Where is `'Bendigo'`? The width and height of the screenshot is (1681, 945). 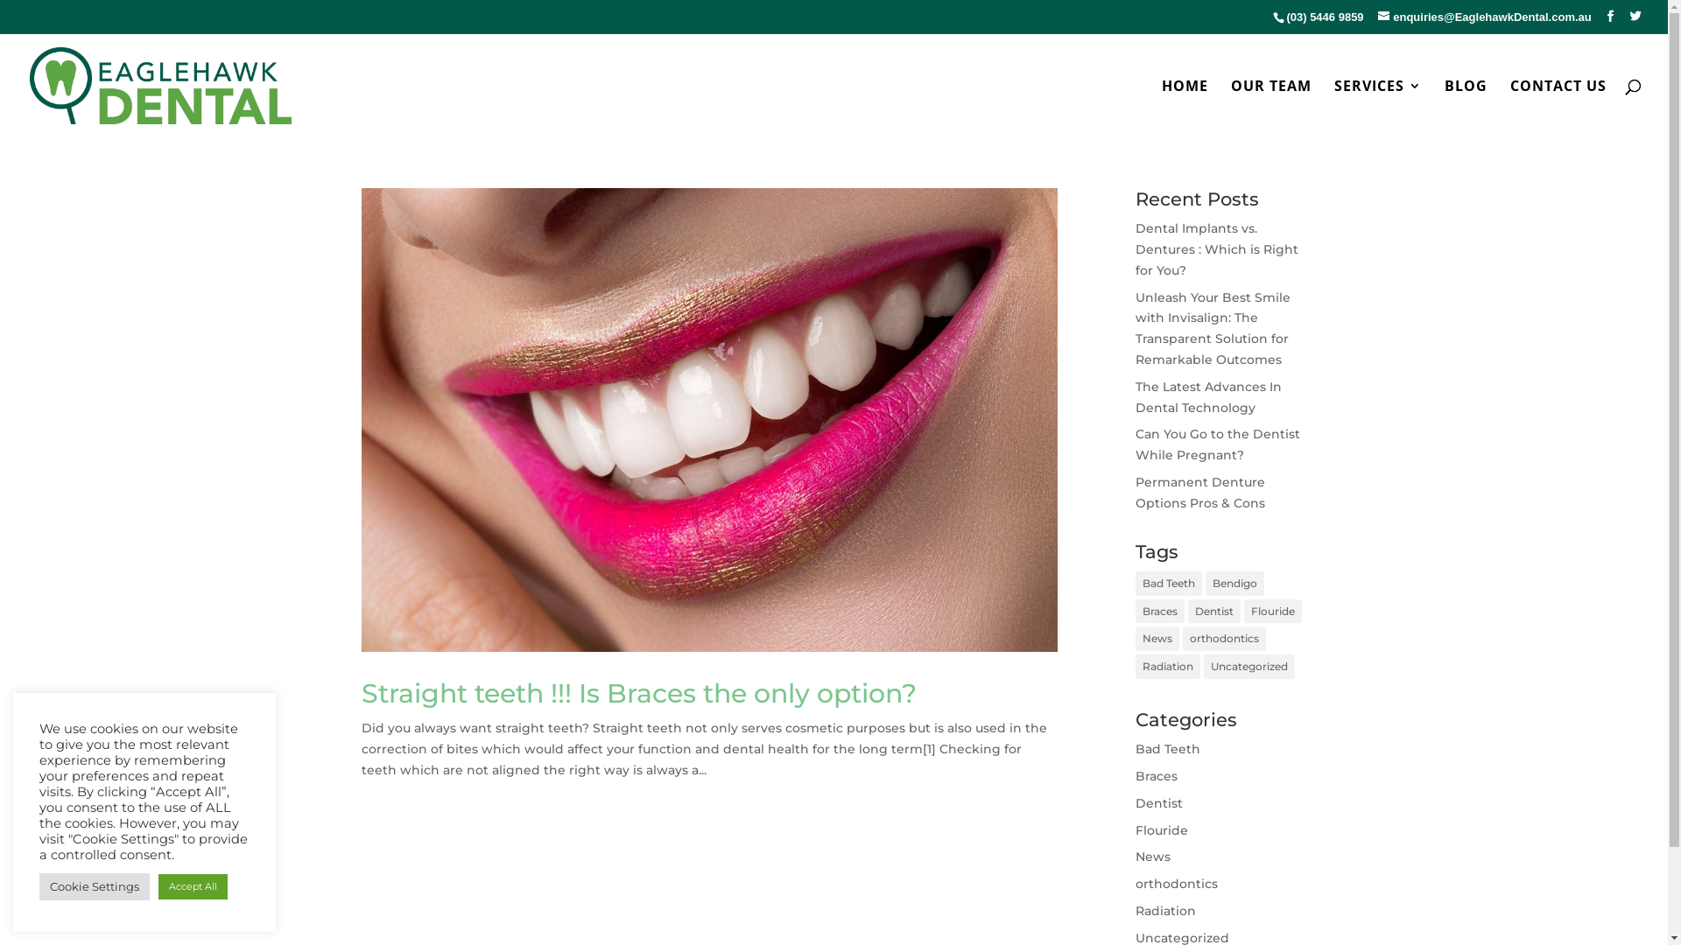 'Bendigo' is located at coordinates (1234, 584).